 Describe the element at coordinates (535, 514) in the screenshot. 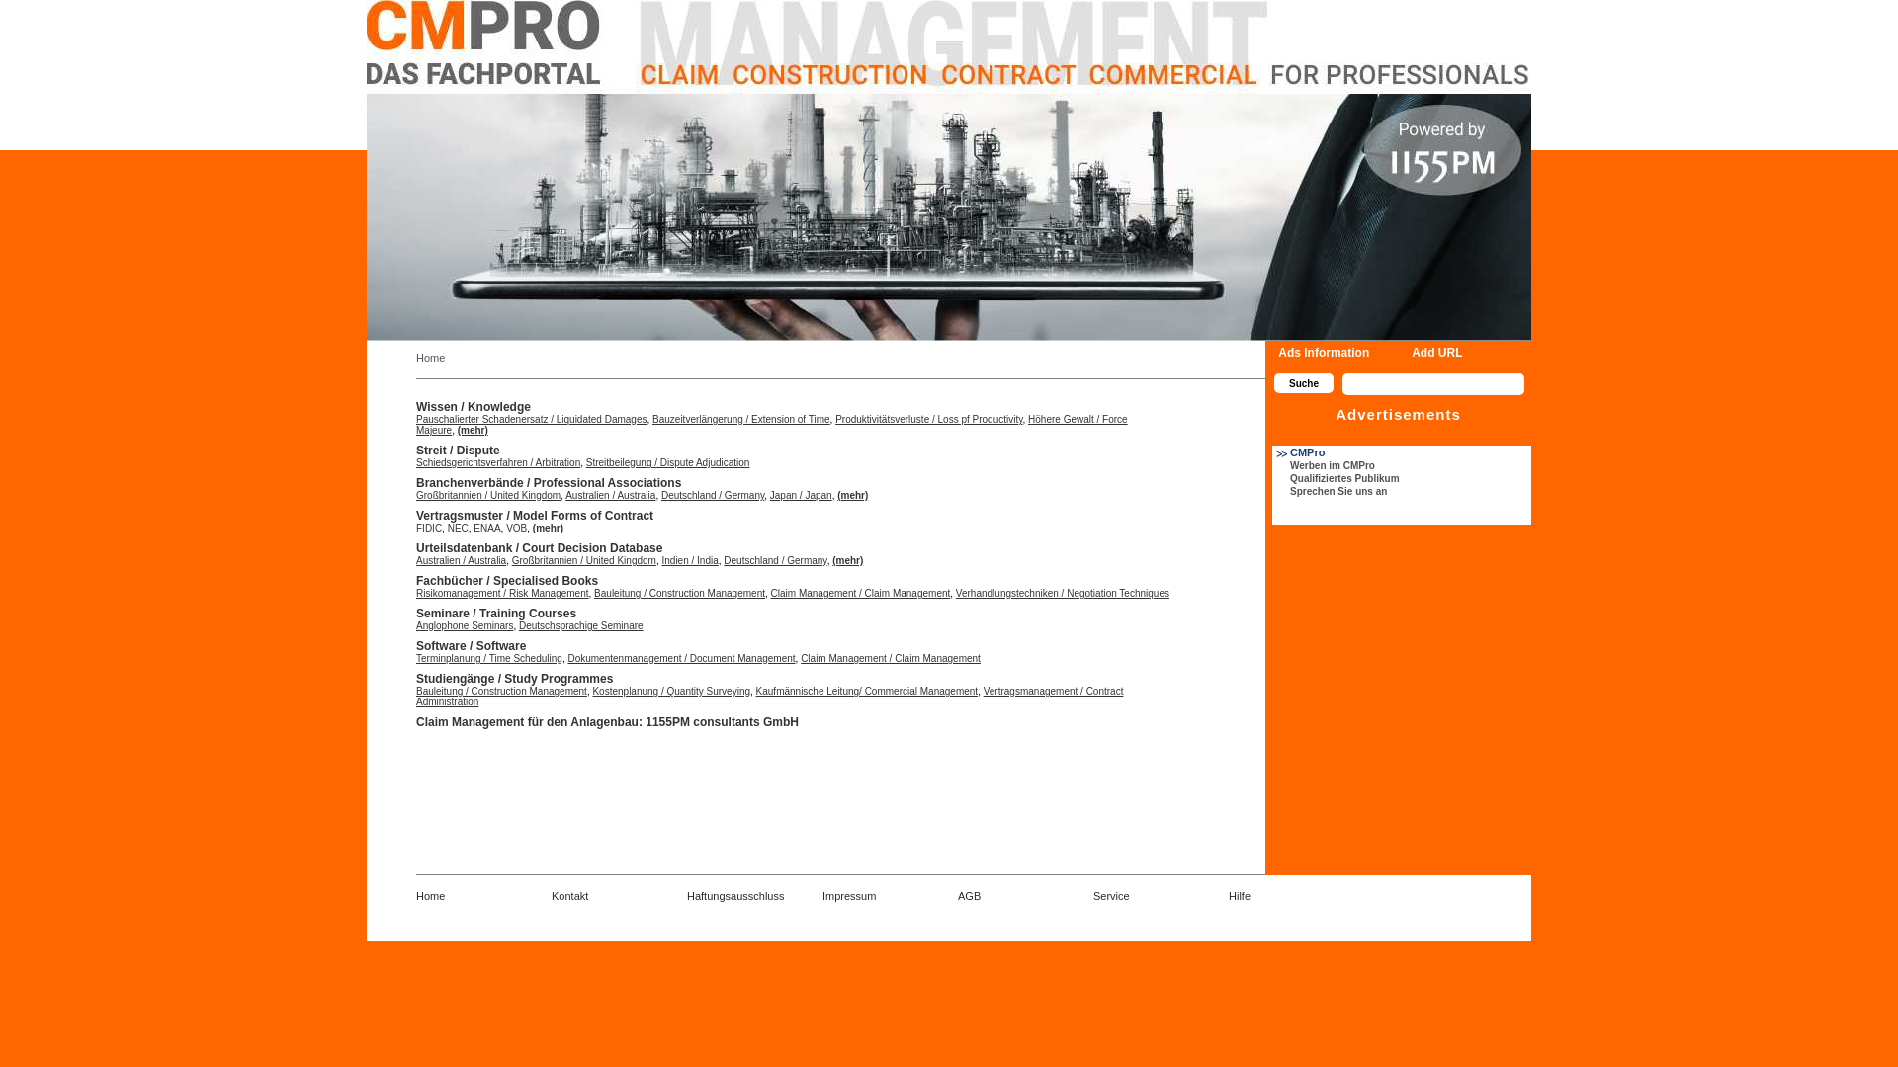

I see `'Vertragsmuster / Model Forms of Contract'` at that location.